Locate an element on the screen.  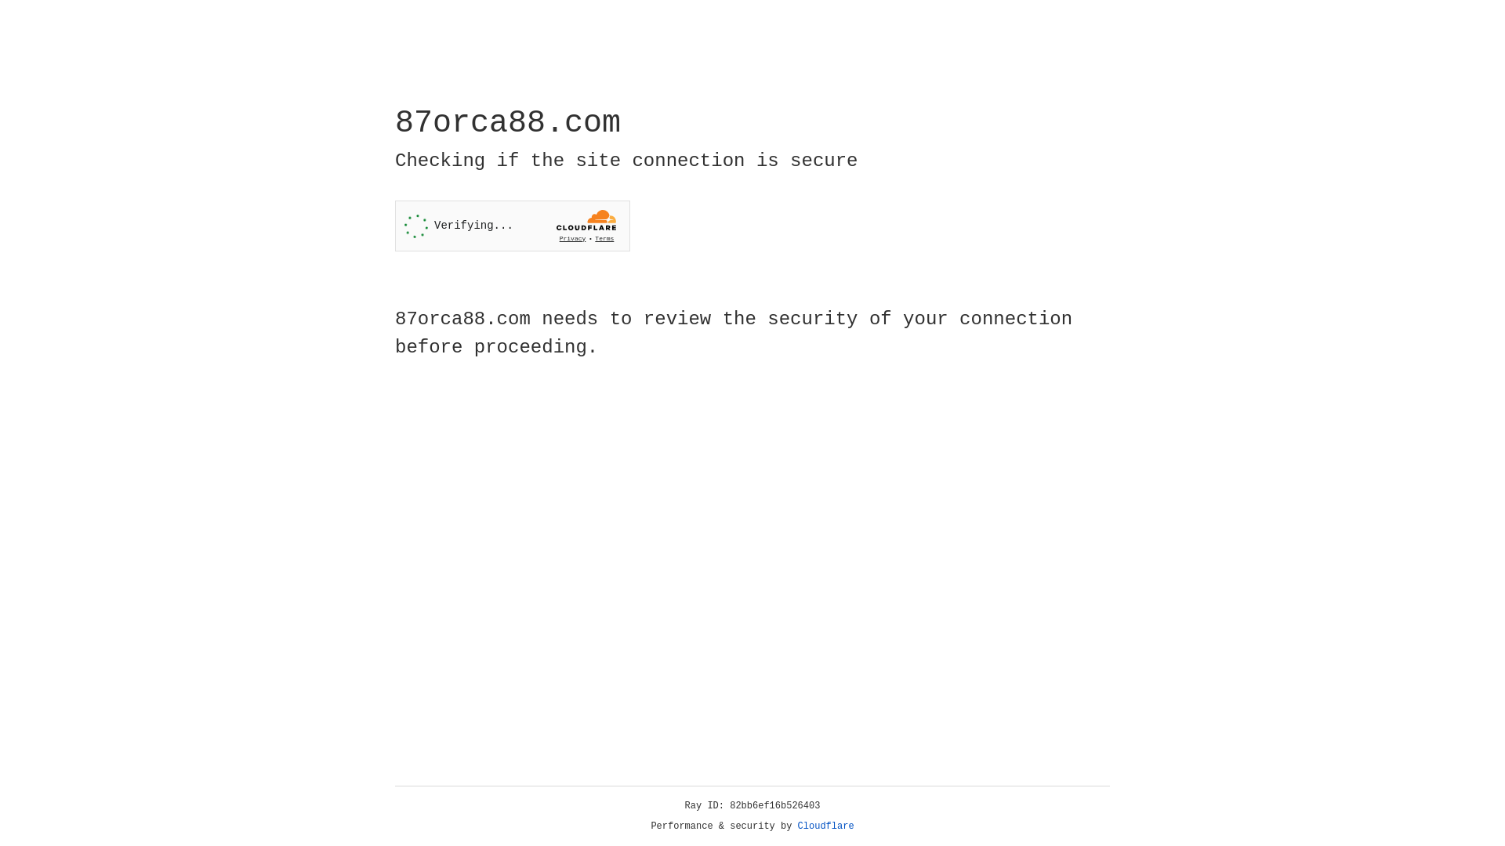
'Cloudflare' is located at coordinates (825, 826).